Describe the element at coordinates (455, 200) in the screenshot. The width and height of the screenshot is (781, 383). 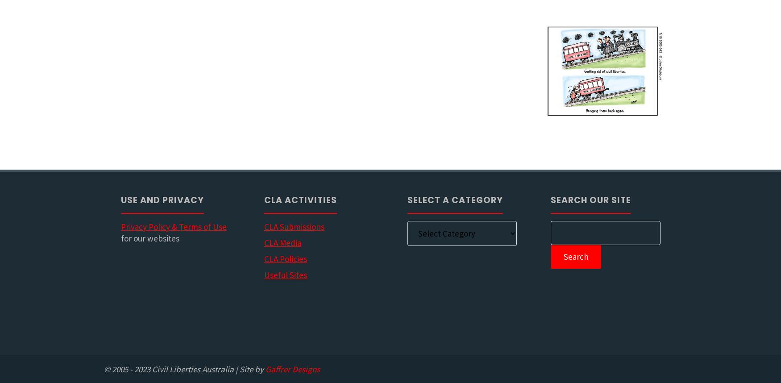
I see `'Select a Category'` at that location.